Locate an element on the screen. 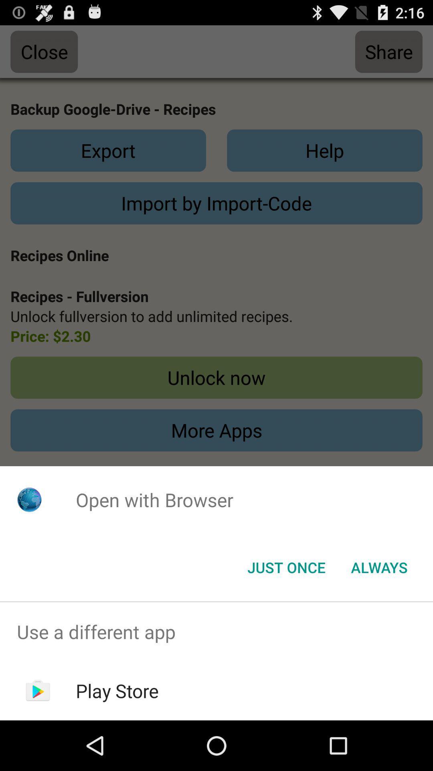  the play store item is located at coordinates (117, 690).